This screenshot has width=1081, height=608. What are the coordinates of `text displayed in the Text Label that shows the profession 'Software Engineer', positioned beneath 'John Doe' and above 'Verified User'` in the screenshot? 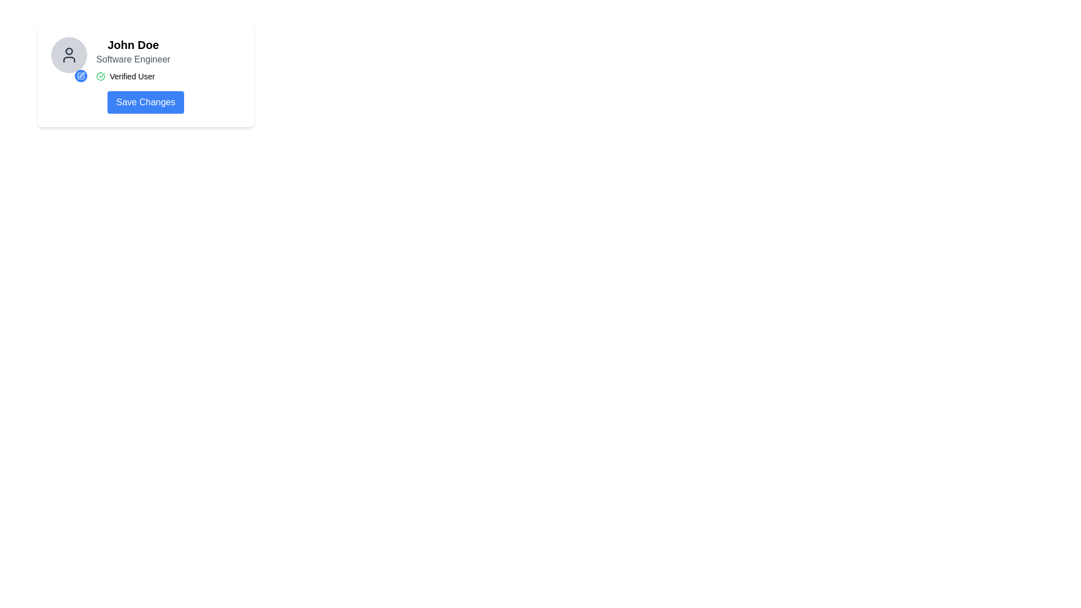 It's located at (133, 59).